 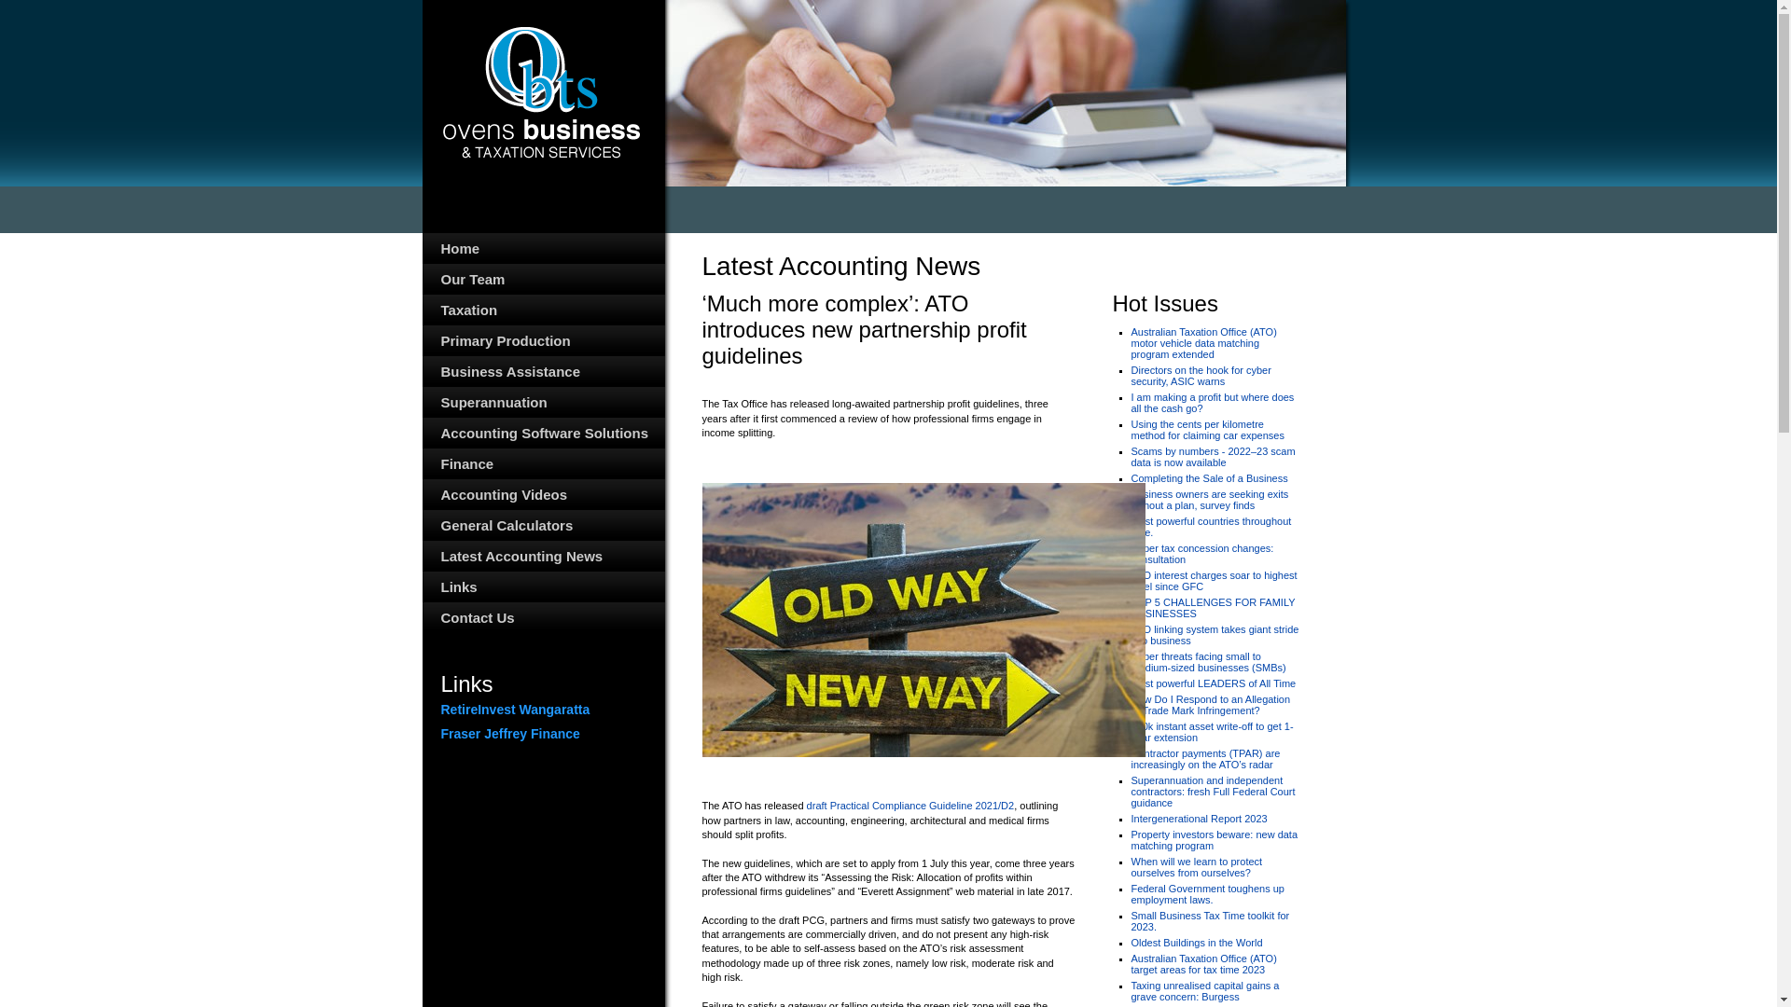 I want to click on 'draft Practical Compliance Guideline 2021/D2', so click(x=910, y=805).